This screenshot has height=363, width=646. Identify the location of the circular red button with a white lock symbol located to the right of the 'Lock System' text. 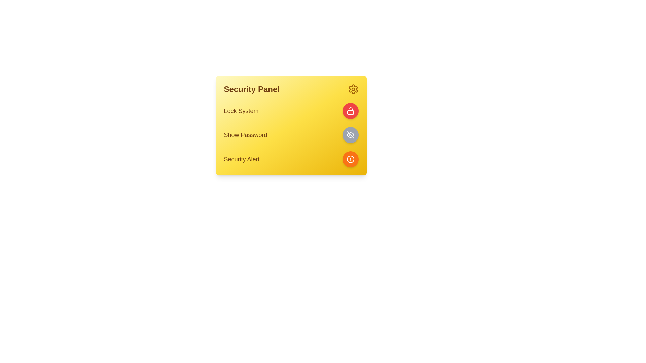
(350, 111).